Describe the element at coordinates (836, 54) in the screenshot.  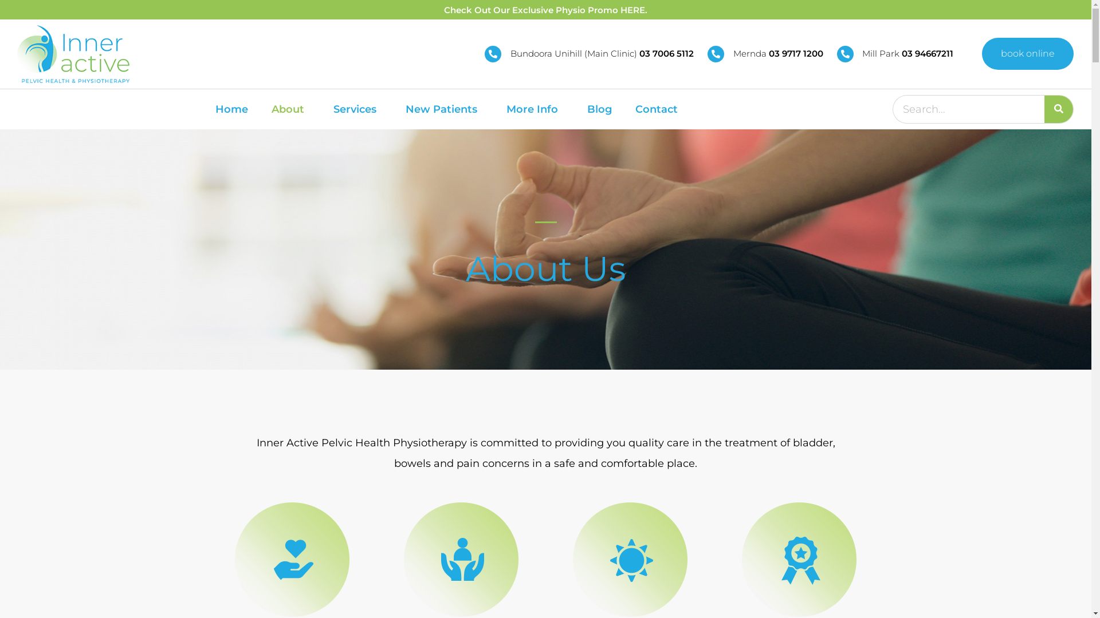
I see `'Mill Park 03 94667211'` at that location.